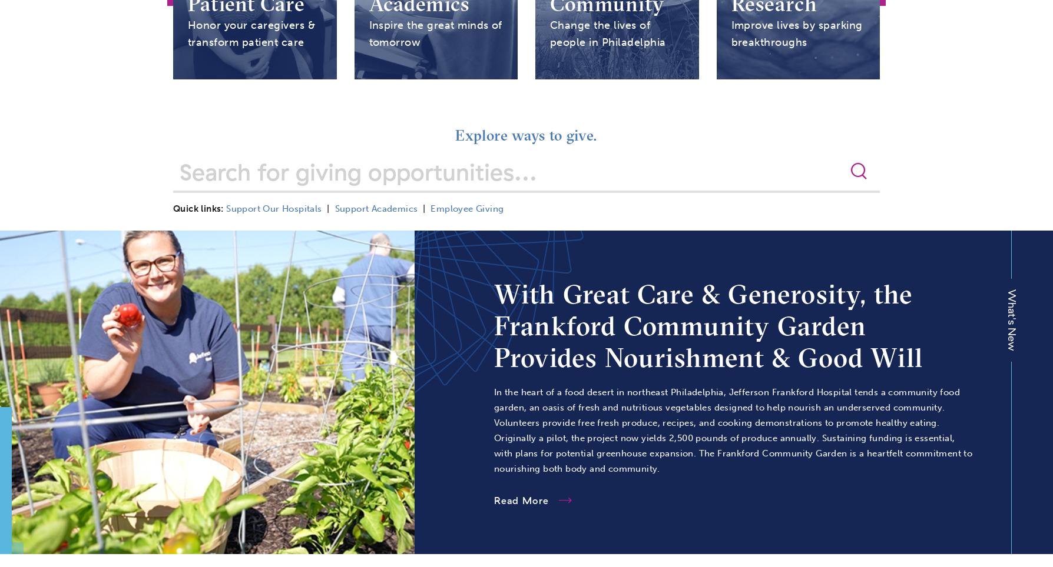  I want to click on 'Support Our Hospitals', so click(274, 208).